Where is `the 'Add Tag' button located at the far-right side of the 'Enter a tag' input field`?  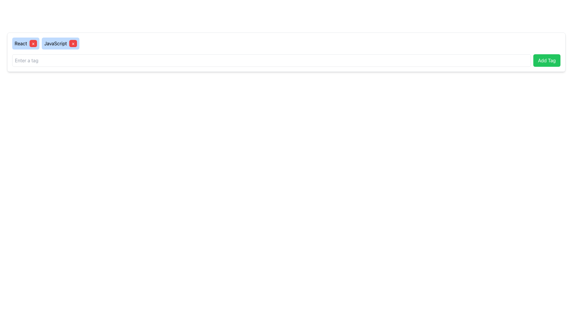
the 'Add Tag' button located at the far-right side of the 'Enter a tag' input field is located at coordinates (547, 61).